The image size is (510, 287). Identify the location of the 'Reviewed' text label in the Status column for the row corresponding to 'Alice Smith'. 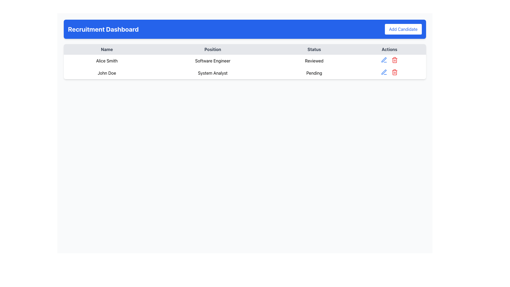
(314, 60).